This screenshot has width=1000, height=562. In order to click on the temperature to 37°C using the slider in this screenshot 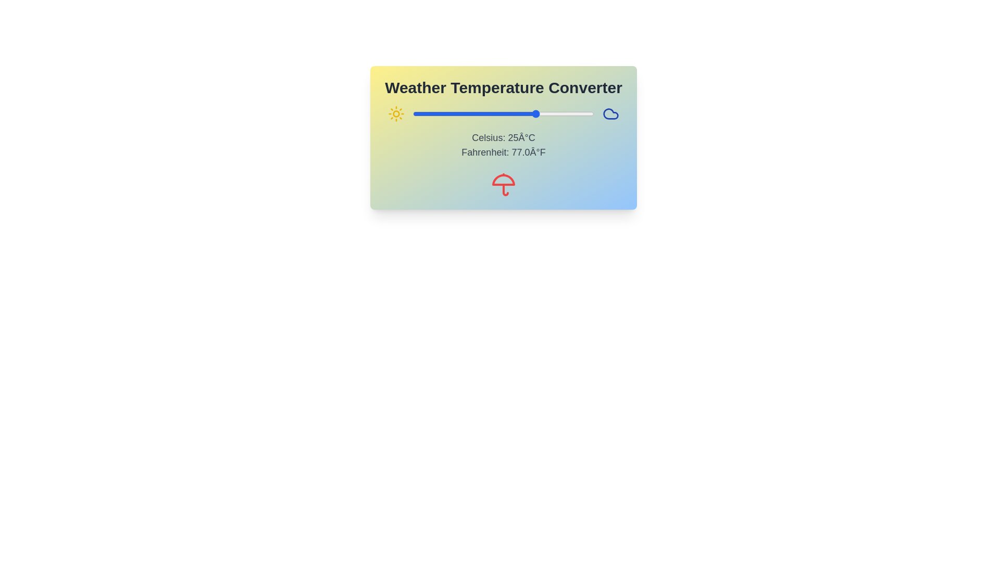, I will do `click(564, 114)`.